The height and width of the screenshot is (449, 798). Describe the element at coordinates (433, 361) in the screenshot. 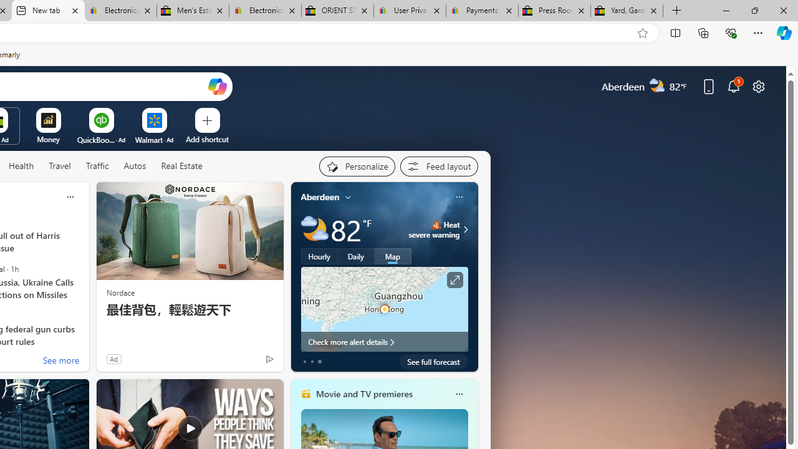

I see `'See full forecast'` at that location.